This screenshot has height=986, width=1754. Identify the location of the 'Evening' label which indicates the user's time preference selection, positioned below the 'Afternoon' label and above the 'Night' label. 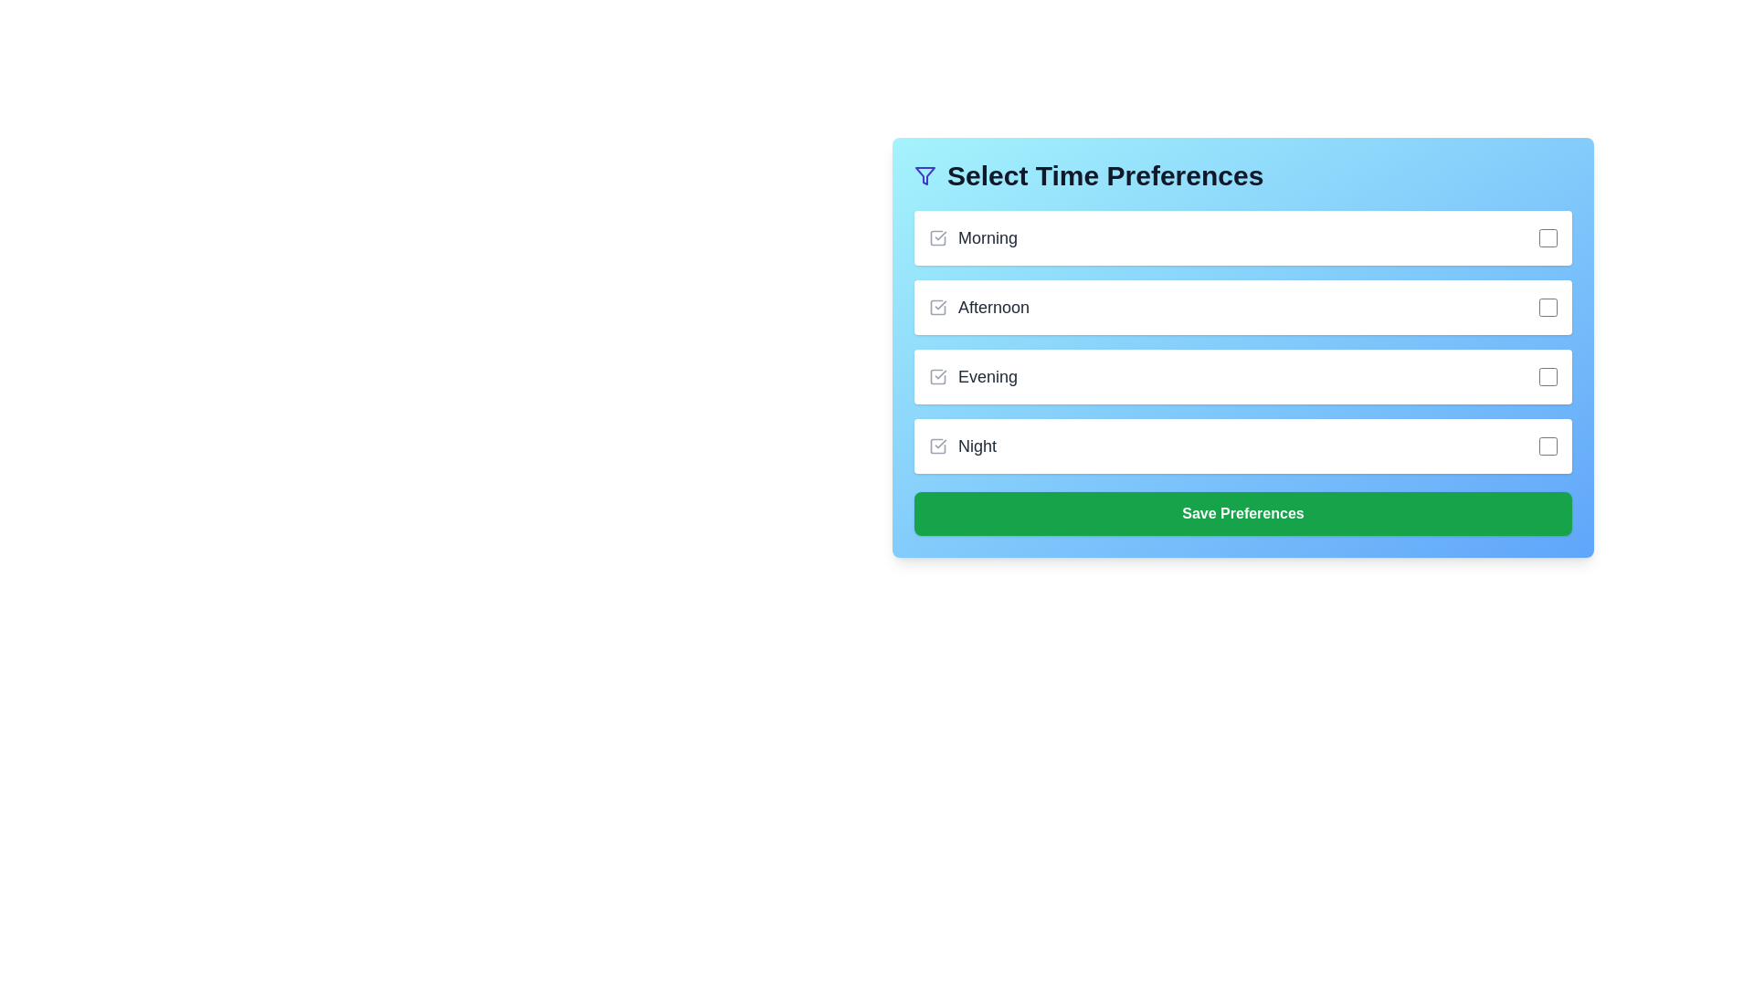
(987, 375).